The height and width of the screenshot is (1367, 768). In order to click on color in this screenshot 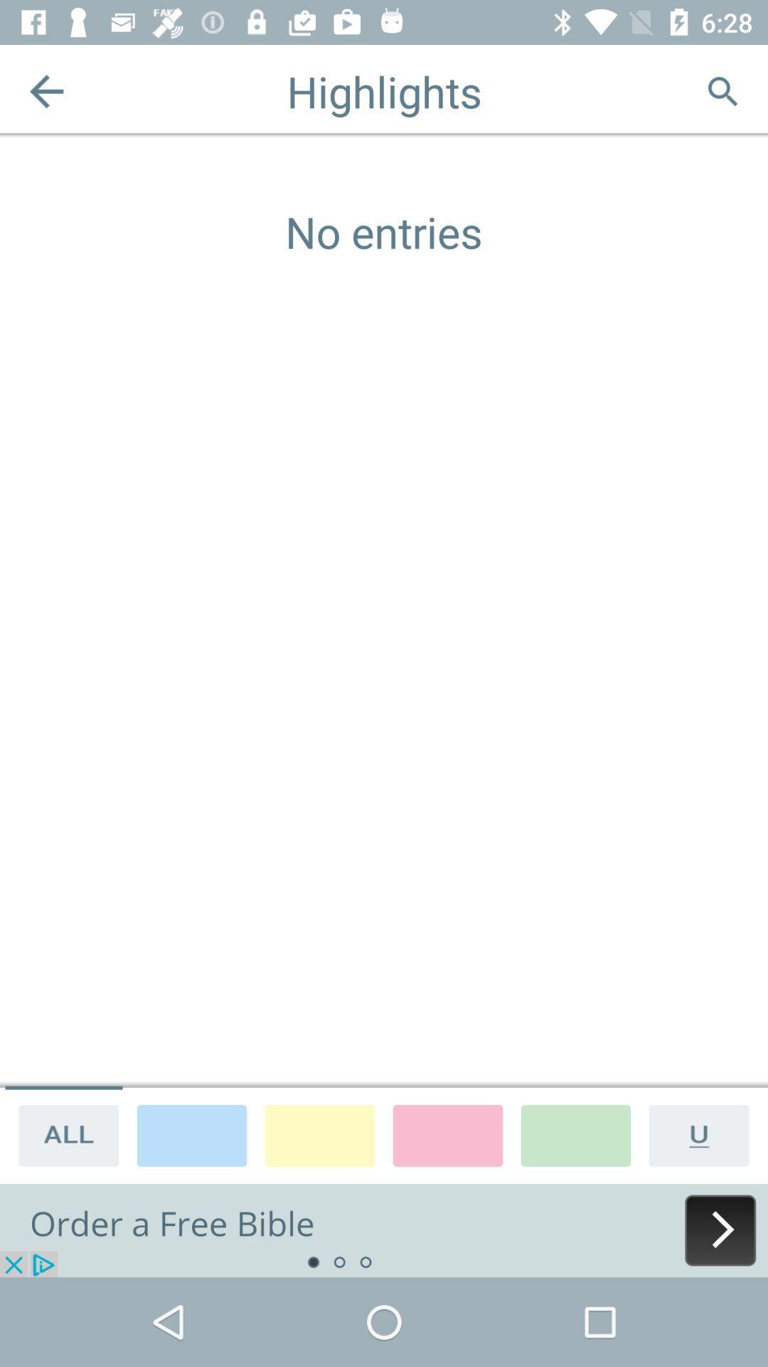, I will do `click(192, 1134)`.